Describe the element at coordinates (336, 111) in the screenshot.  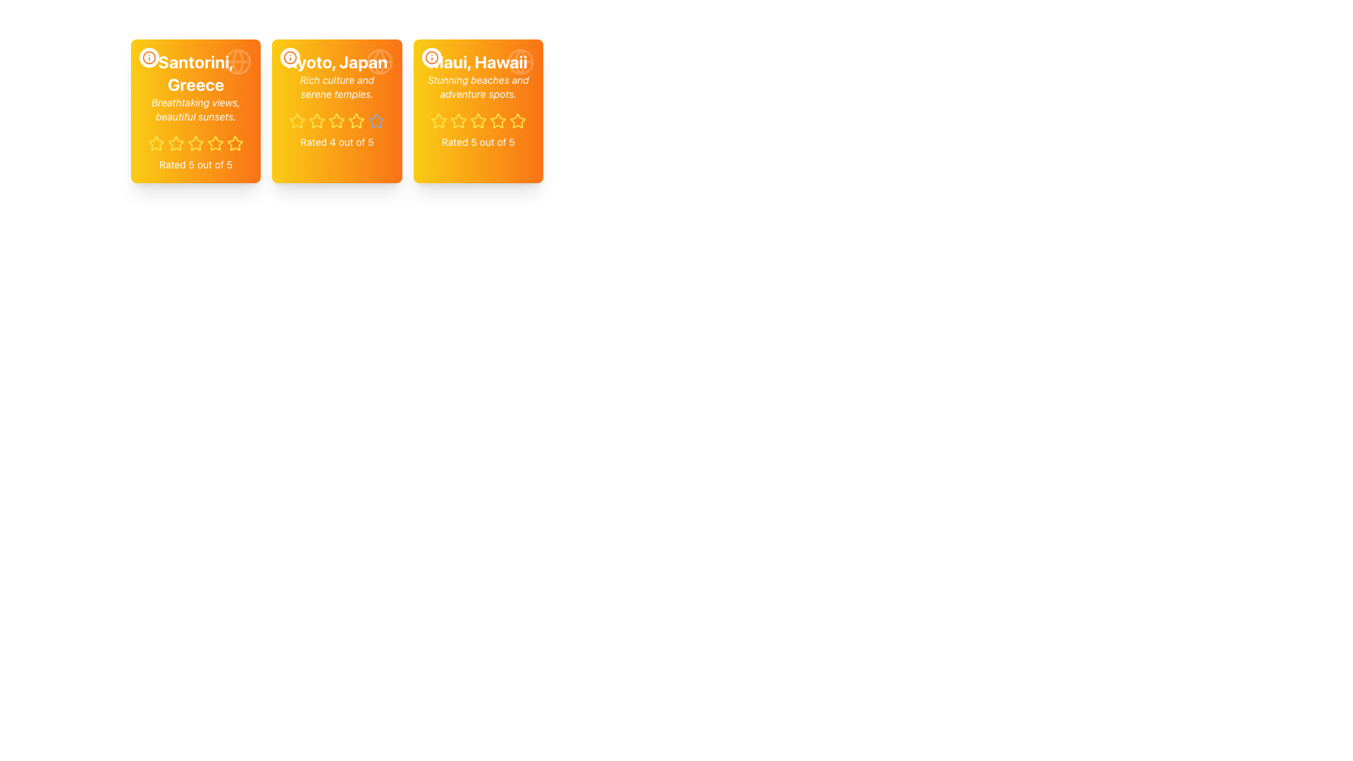
I see `the stars within the Card-like UI component to change its rating, which displays location-based information in the middle column of a three-column layout` at that location.